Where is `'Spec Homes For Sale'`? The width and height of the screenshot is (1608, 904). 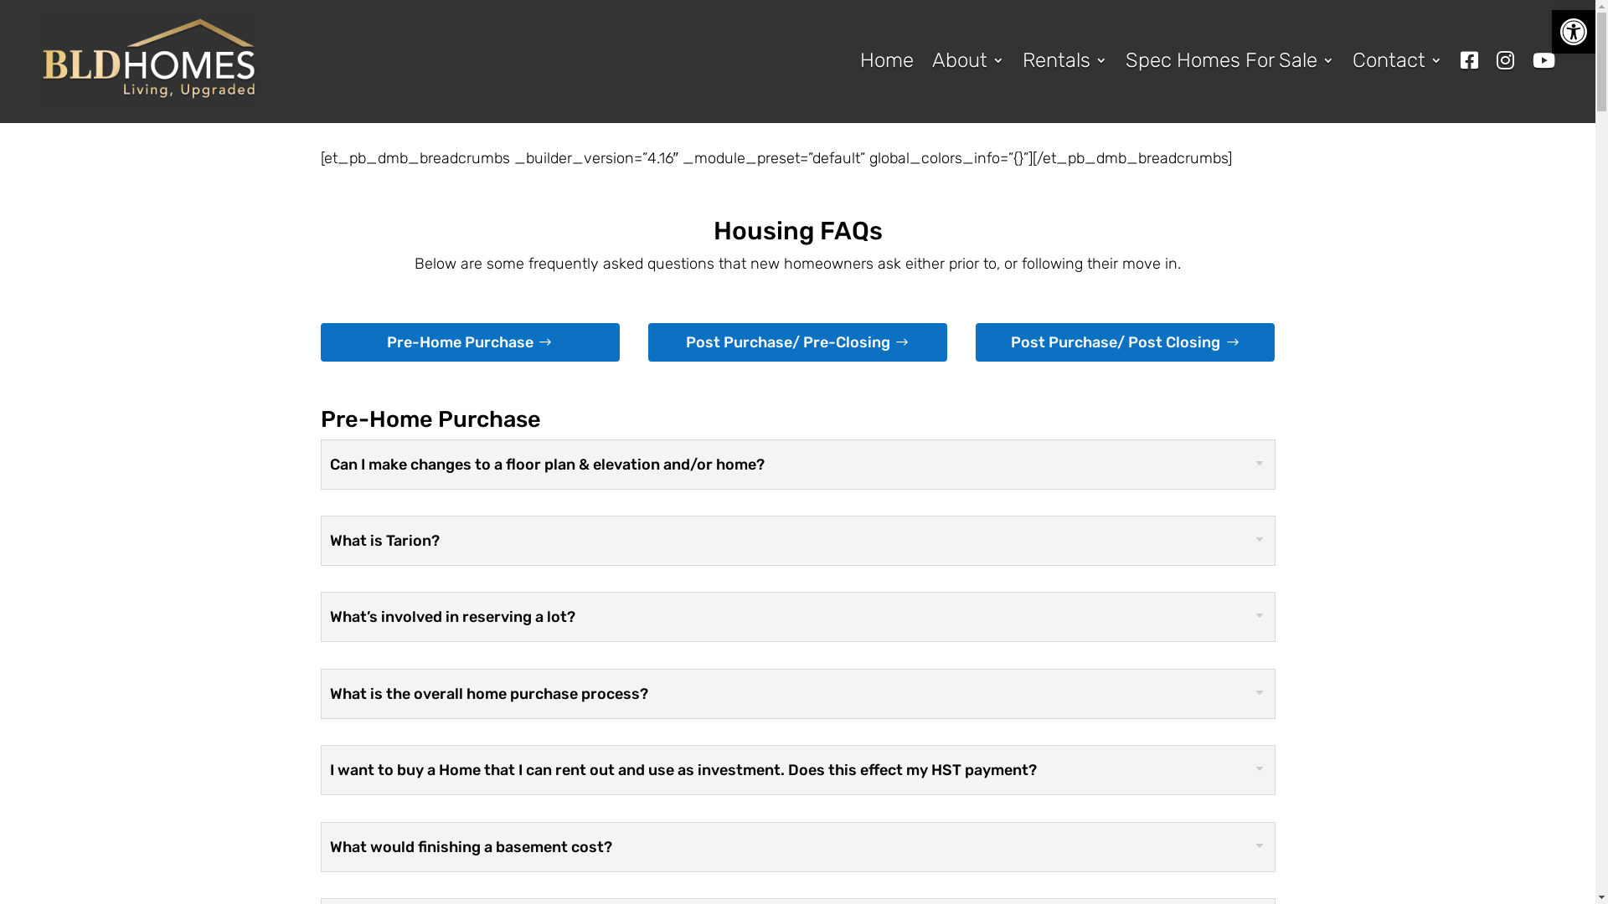
'Spec Homes For Sale' is located at coordinates (1229, 59).